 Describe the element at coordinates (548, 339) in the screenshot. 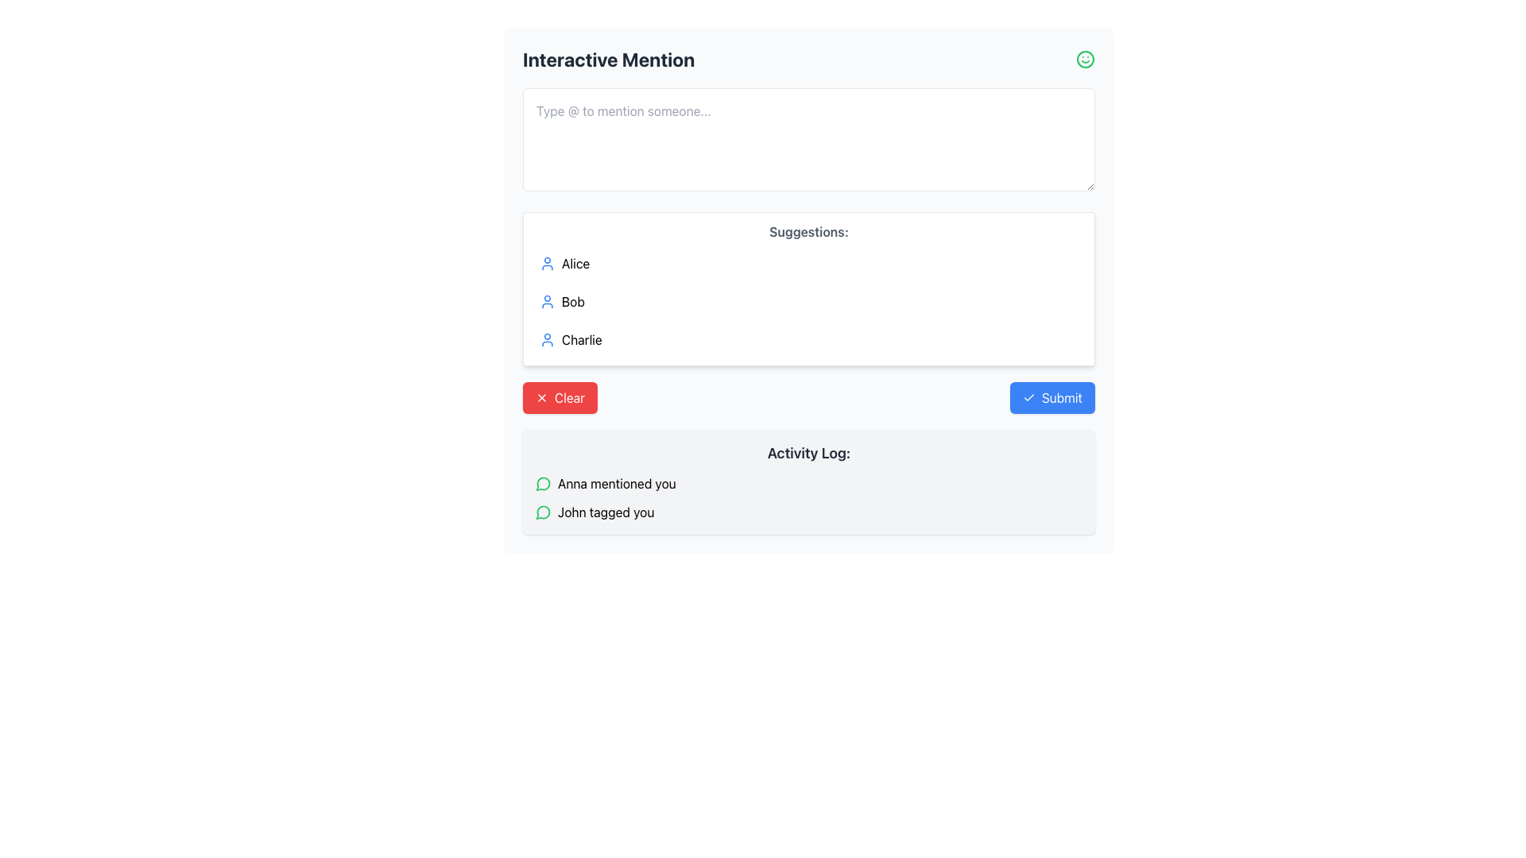

I see `the profile icon for 'Charlie' located in the 'Suggestions' section of the 'Interactive Mention' interface` at that location.